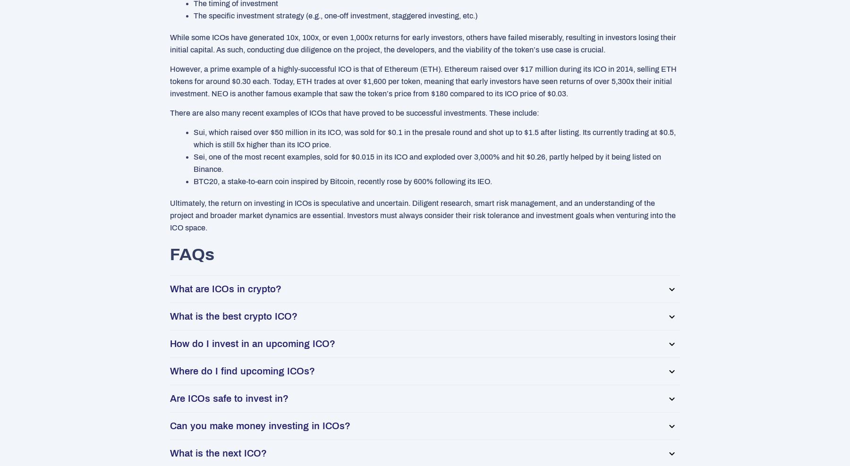  What do you see at coordinates (252, 343) in the screenshot?
I see `'How do I invest in an upcoming ICO?'` at bounding box center [252, 343].